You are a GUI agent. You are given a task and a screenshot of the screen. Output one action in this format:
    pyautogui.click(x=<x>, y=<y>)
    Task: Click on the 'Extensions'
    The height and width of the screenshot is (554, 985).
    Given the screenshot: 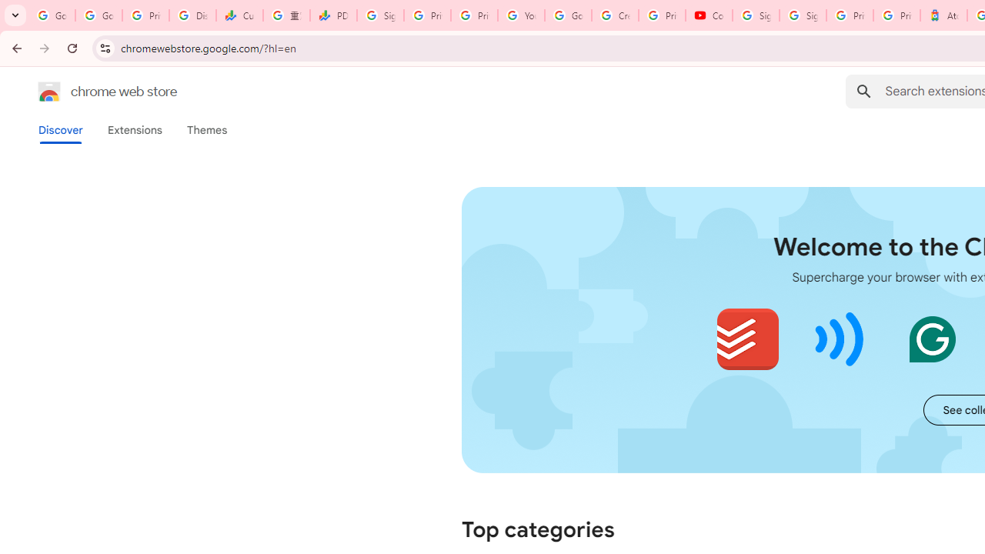 What is the action you would take?
    pyautogui.click(x=134, y=129)
    